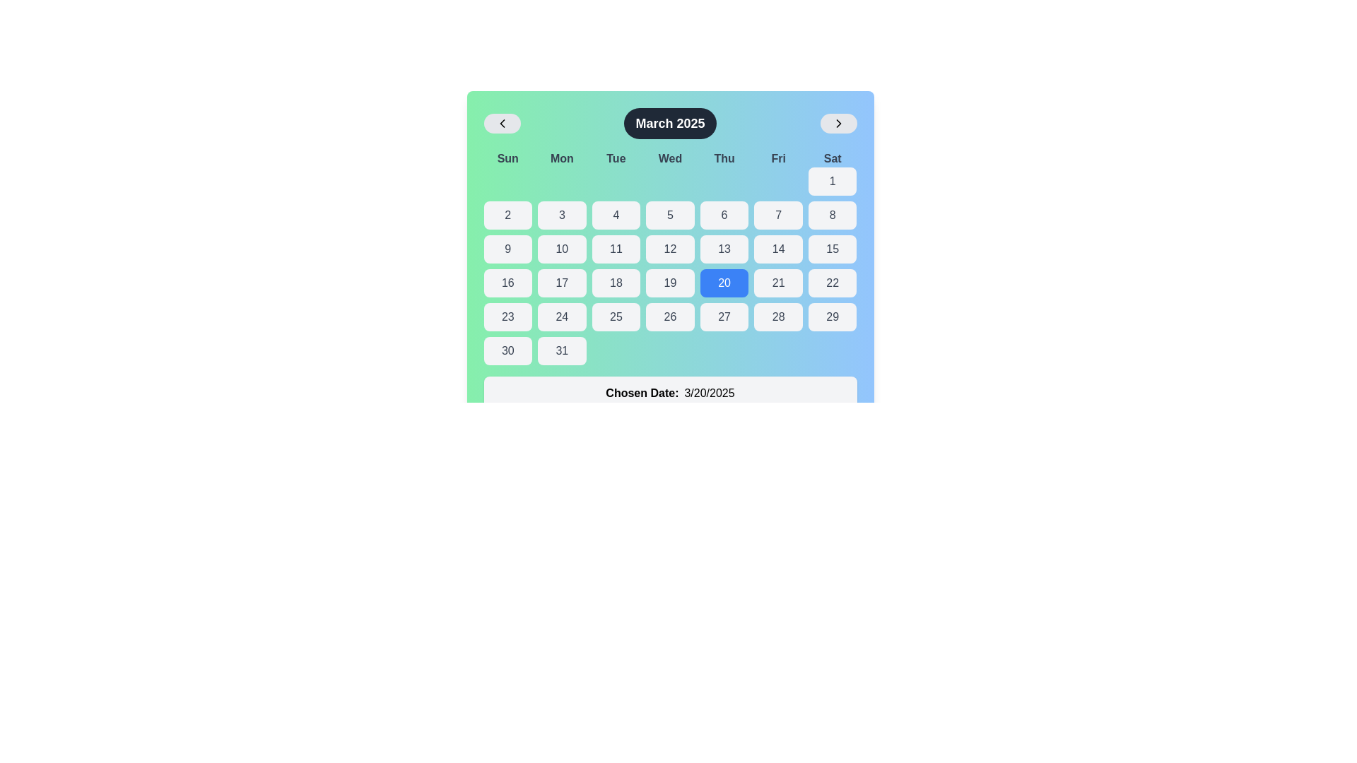 The image size is (1357, 763). What do you see at coordinates (724, 181) in the screenshot?
I see `the visual placeholder or spacer in the calendar grid, which is the fifth cell between 'Wed' and 'Fri' in the top row` at bounding box center [724, 181].